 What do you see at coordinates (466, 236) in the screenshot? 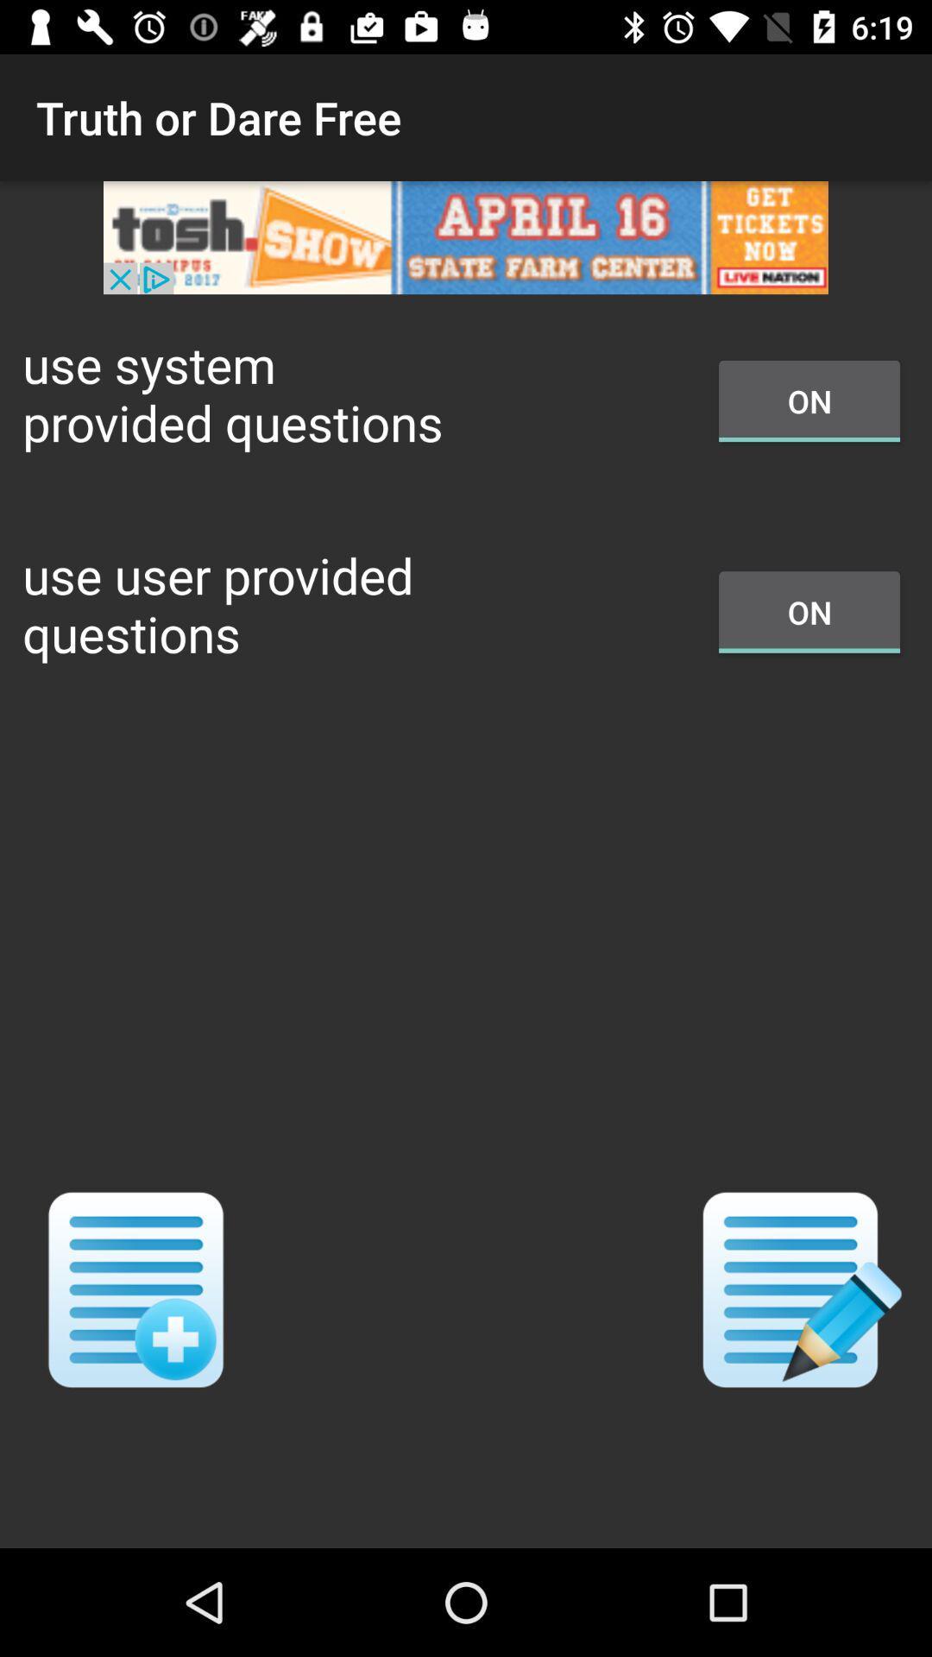
I see `remove the add` at bounding box center [466, 236].